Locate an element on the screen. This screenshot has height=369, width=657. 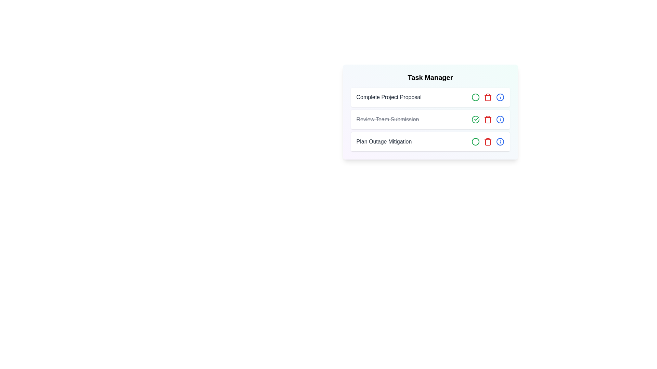
'Info' button for the task titled 'Complete Project Proposal' is located at coordinates (500, 97).